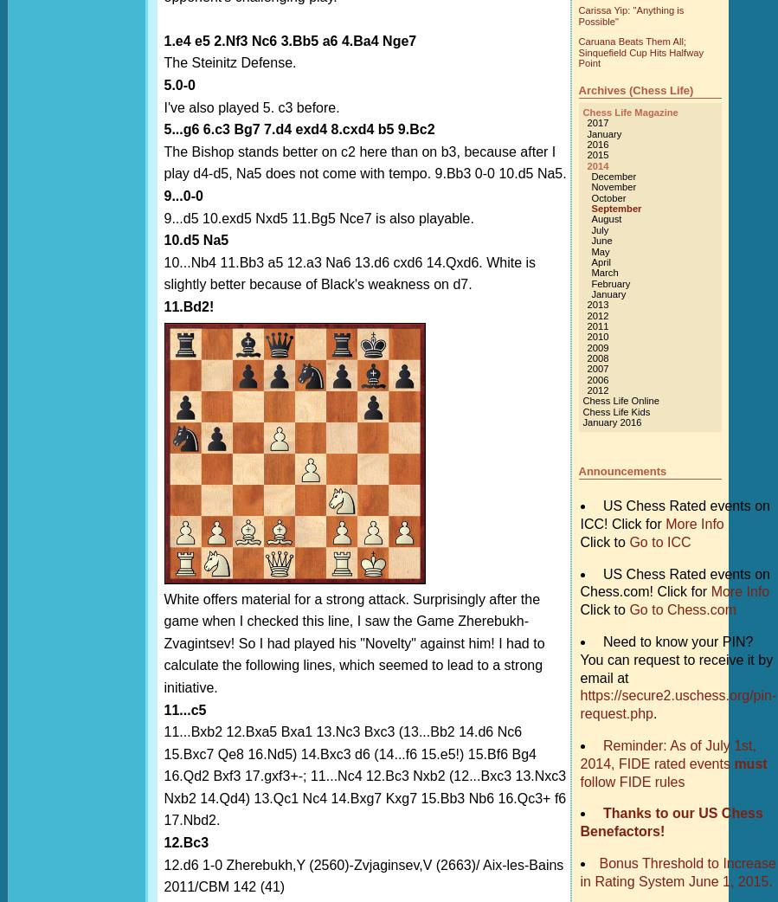 The height and width of the screenshot is (902, 778). What do you see at coordinates (586, 123) in the screenshot?
I see `'2017'` at bounding box center [586, 123].